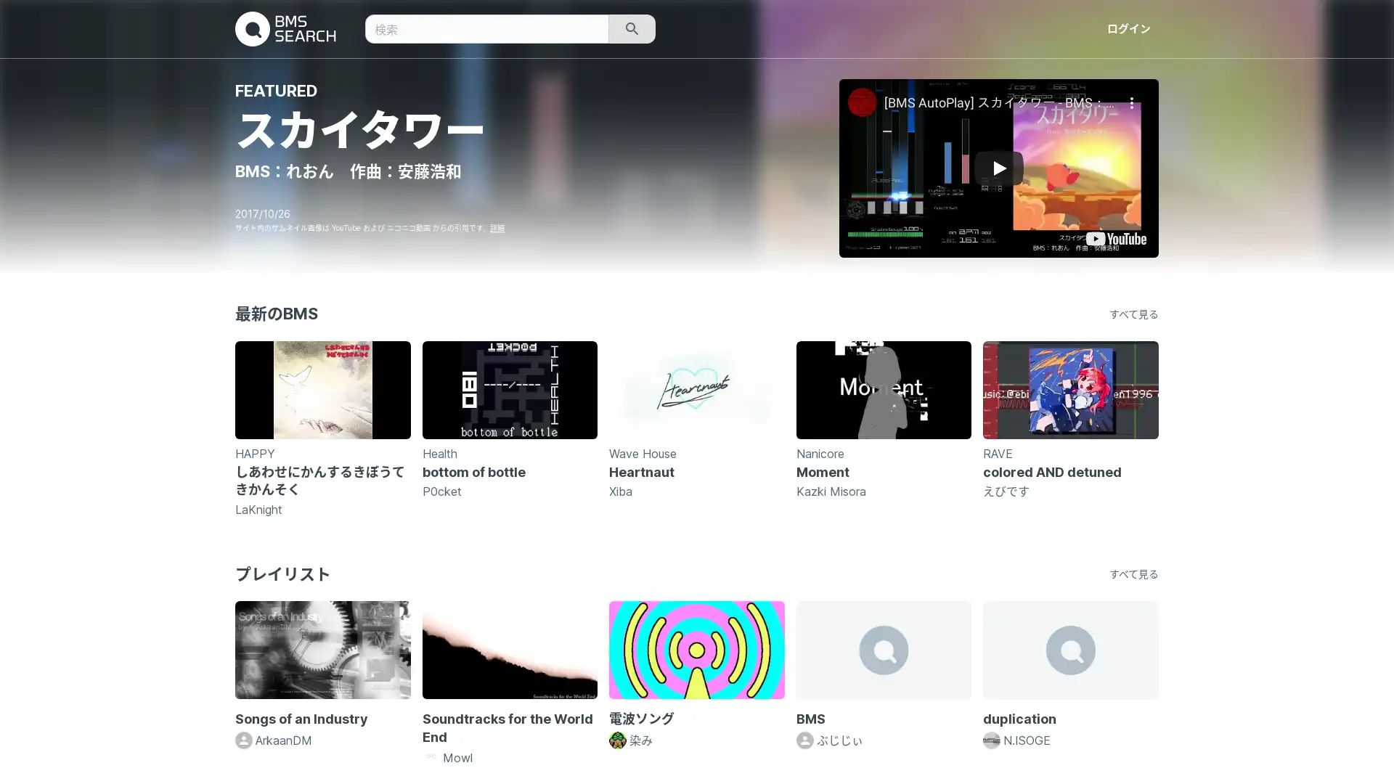  What do you see at coordinates (1070, 674) in the screenshot?
I see `duplication N.ISOGE` at bounding box center [1070, 674].